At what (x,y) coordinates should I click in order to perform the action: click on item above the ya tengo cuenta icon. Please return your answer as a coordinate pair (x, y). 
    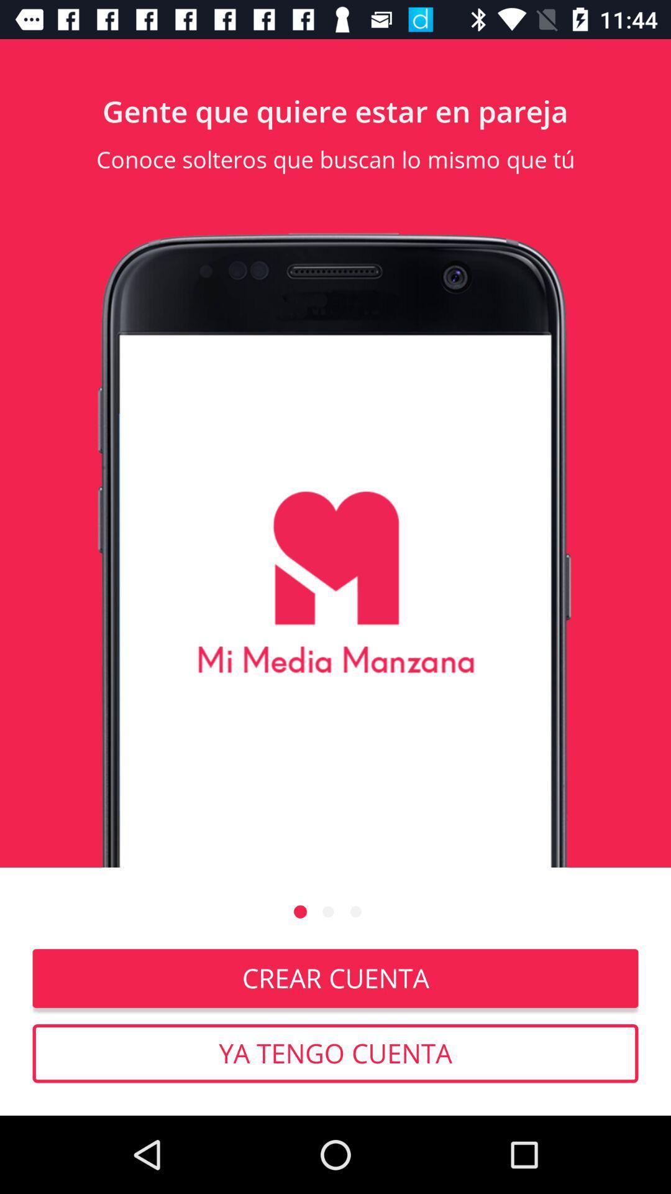
    Looking at the image, I should click on (335, 978).